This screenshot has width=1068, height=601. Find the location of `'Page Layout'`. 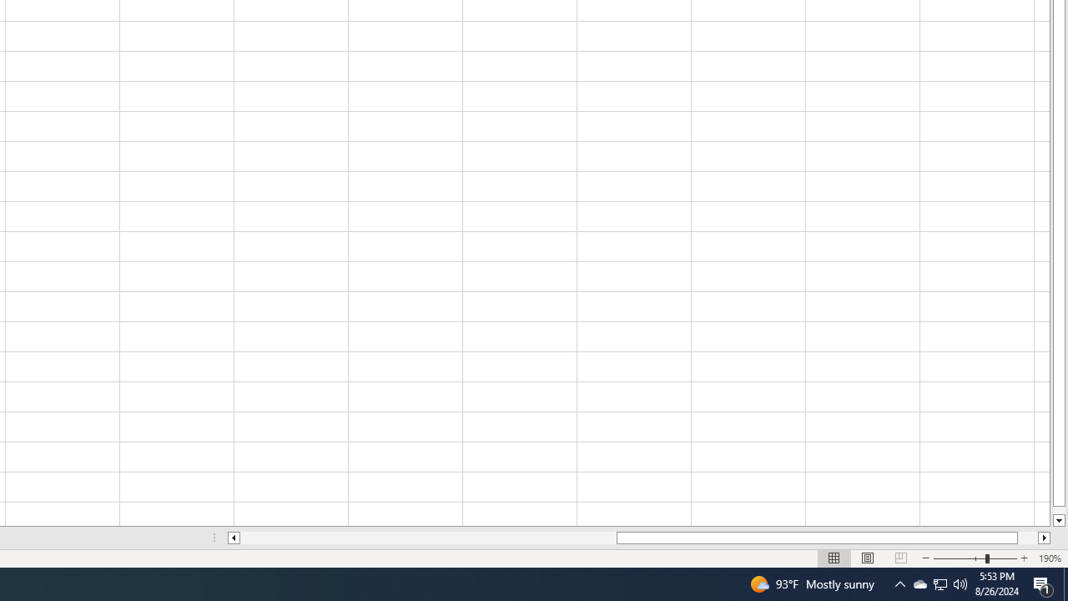

'Page Layout' is located at coordinates (868, 558).